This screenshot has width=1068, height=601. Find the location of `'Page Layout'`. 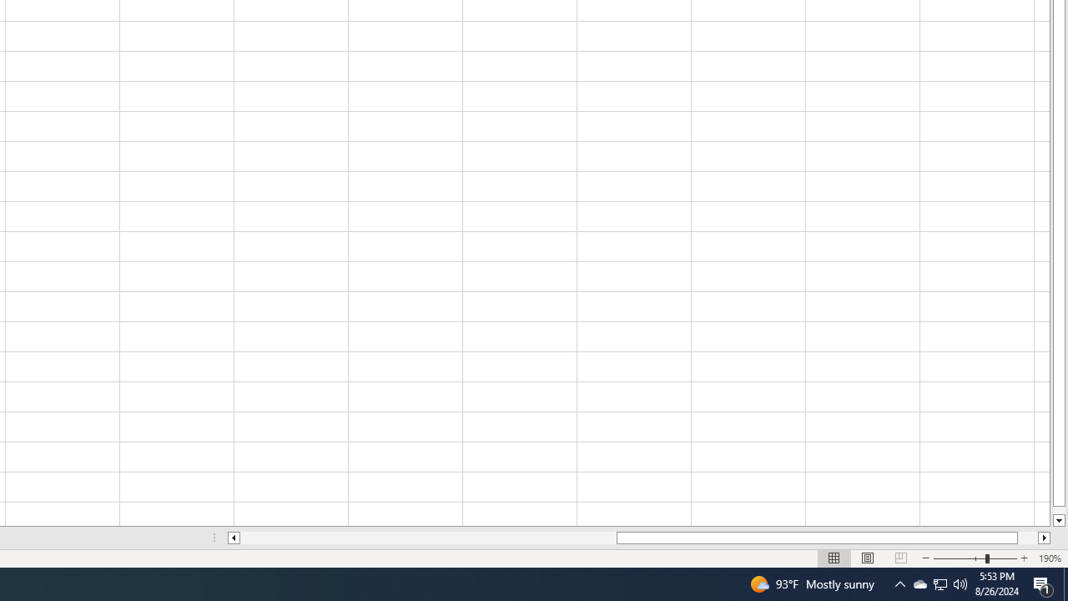

'Page Layout' is located at coordinates (868, 558).